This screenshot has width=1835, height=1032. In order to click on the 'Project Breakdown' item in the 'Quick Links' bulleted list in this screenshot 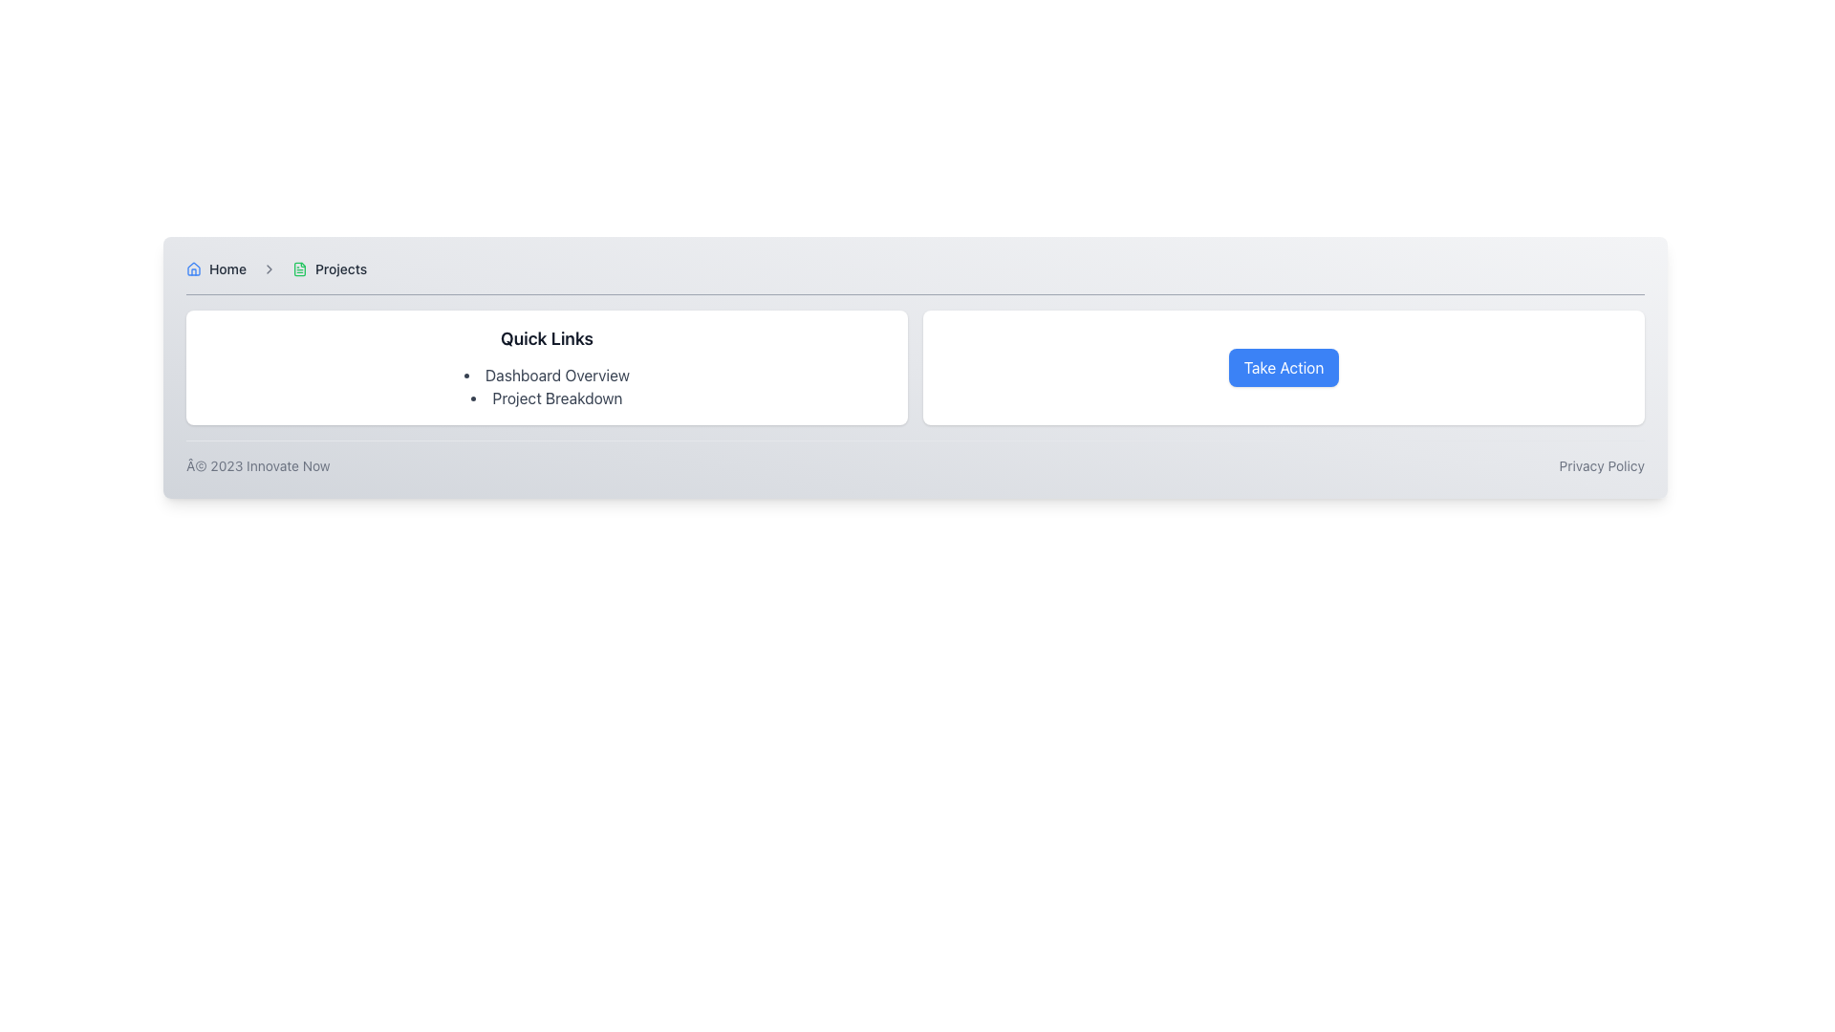, I will do `click(546, 387)`.